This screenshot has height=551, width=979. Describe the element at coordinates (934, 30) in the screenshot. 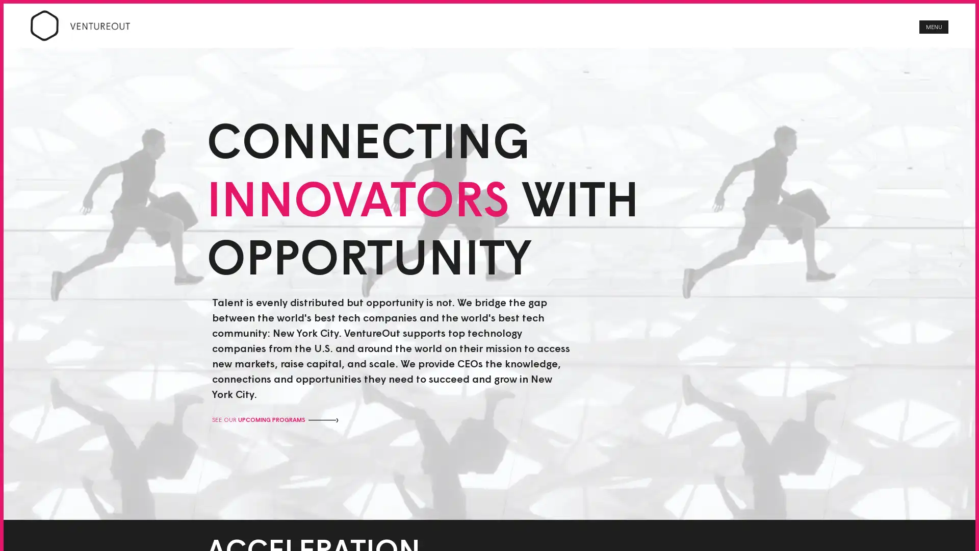

I see `MENU` at that location.